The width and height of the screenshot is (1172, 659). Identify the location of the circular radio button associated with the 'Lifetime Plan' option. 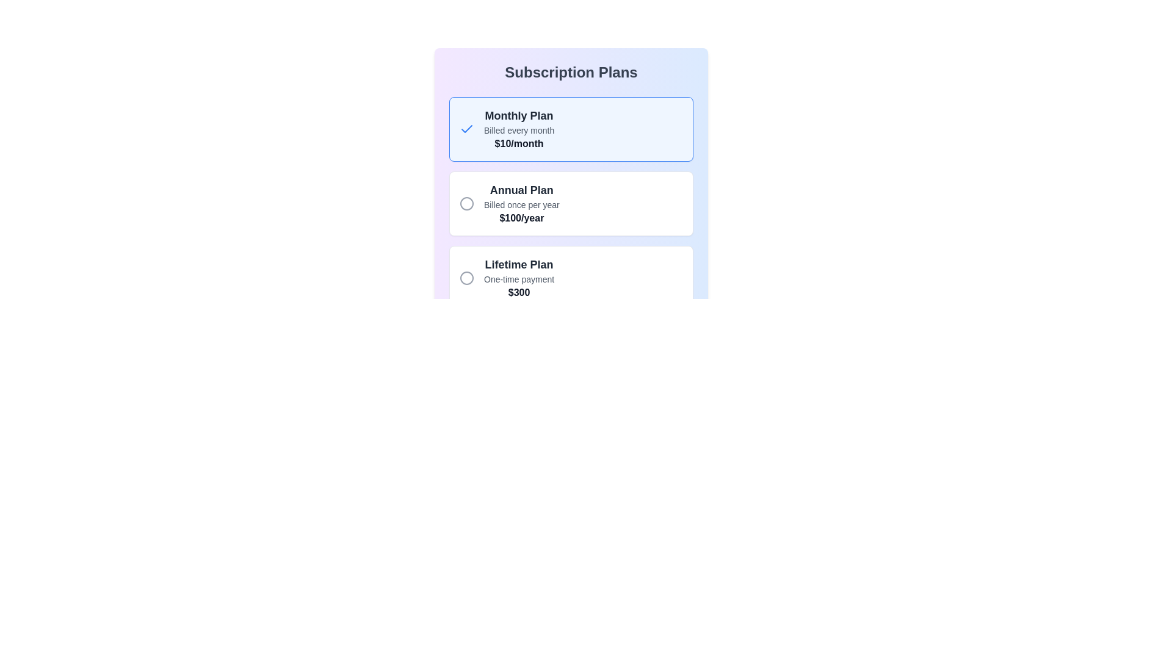
(466, 278).